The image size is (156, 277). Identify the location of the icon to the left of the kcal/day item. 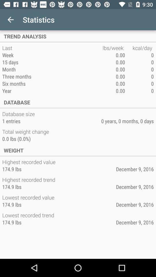
(114, 48).